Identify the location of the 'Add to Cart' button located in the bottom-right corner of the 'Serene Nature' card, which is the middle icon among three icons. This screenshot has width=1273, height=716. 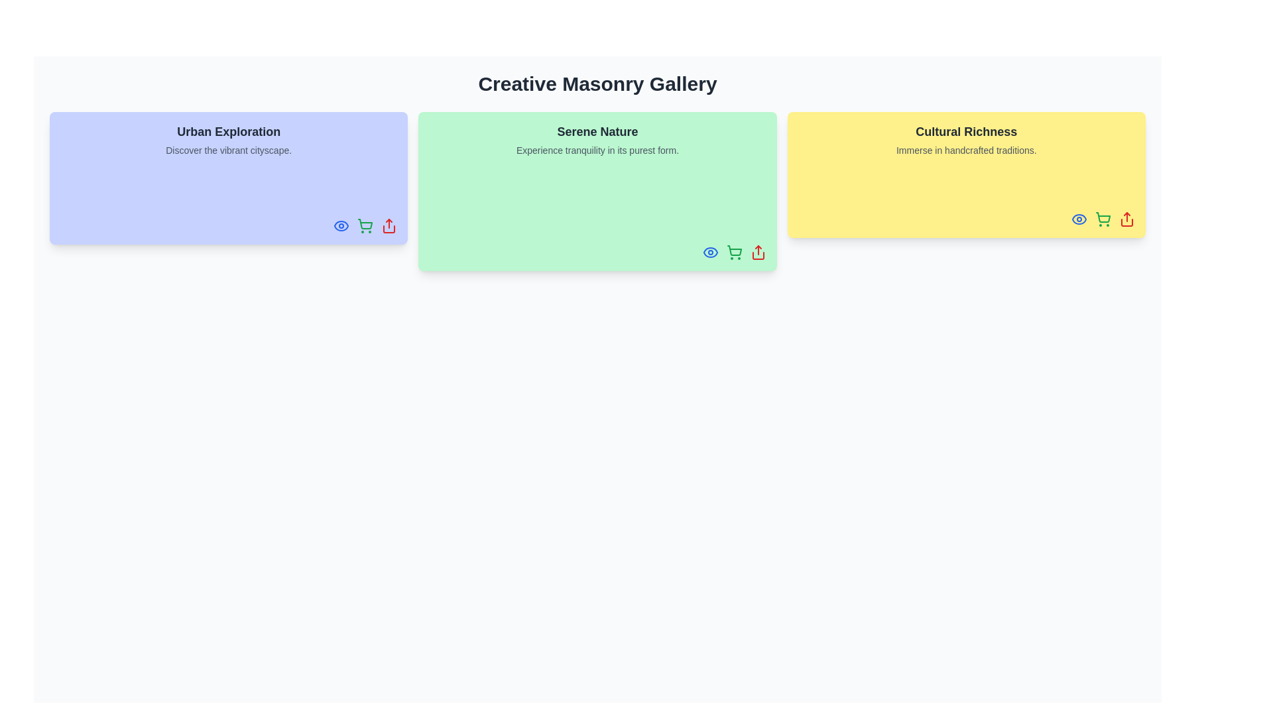
(733, 253).